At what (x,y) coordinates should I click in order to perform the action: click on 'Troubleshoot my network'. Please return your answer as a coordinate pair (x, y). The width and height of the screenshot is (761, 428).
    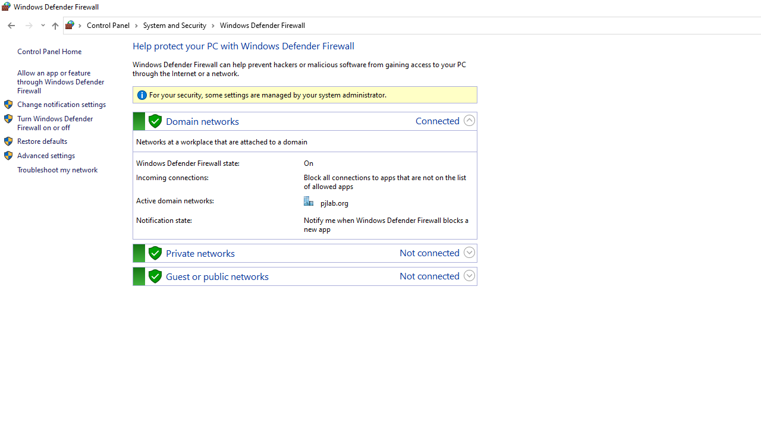
    Looking at the image, I should click on (56, 169).